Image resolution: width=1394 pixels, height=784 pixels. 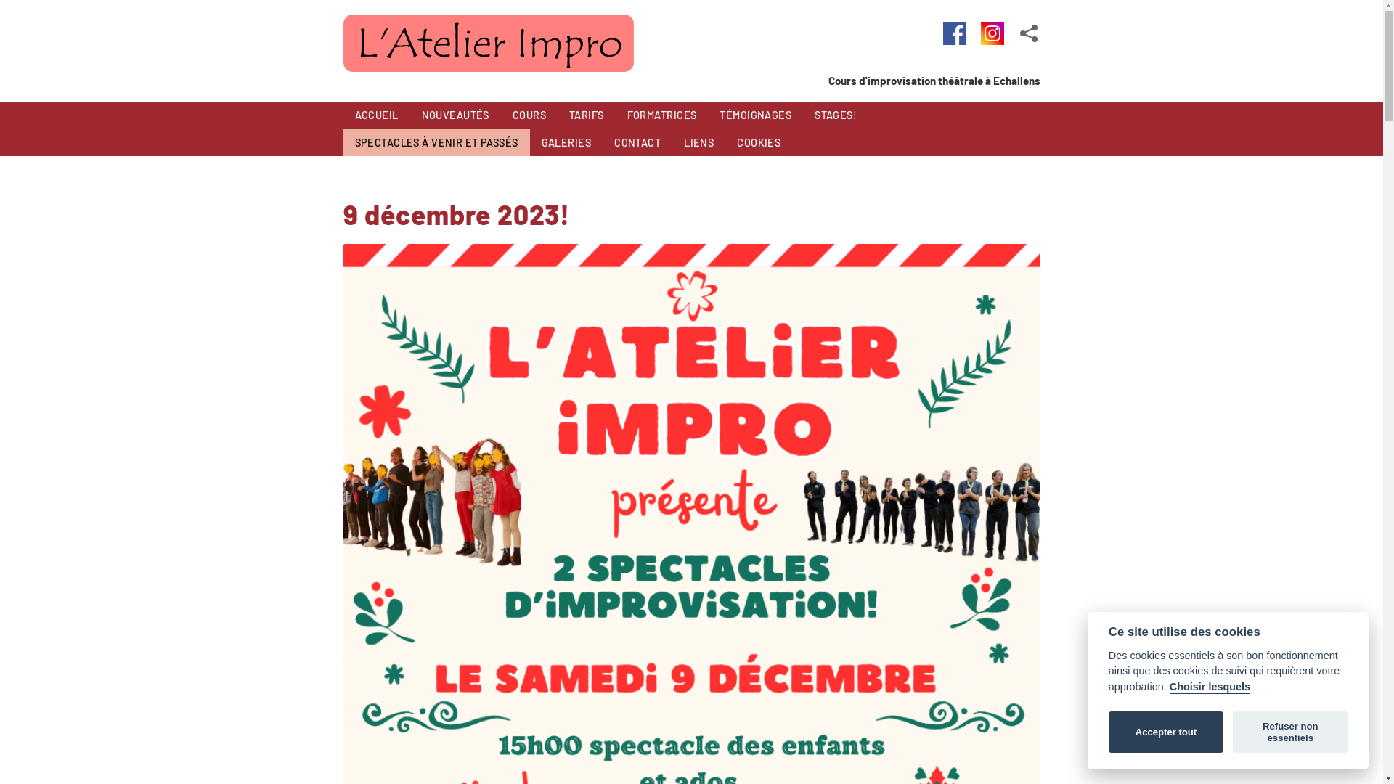 I want to click on 'LIENS', so click(x=672, y=142).